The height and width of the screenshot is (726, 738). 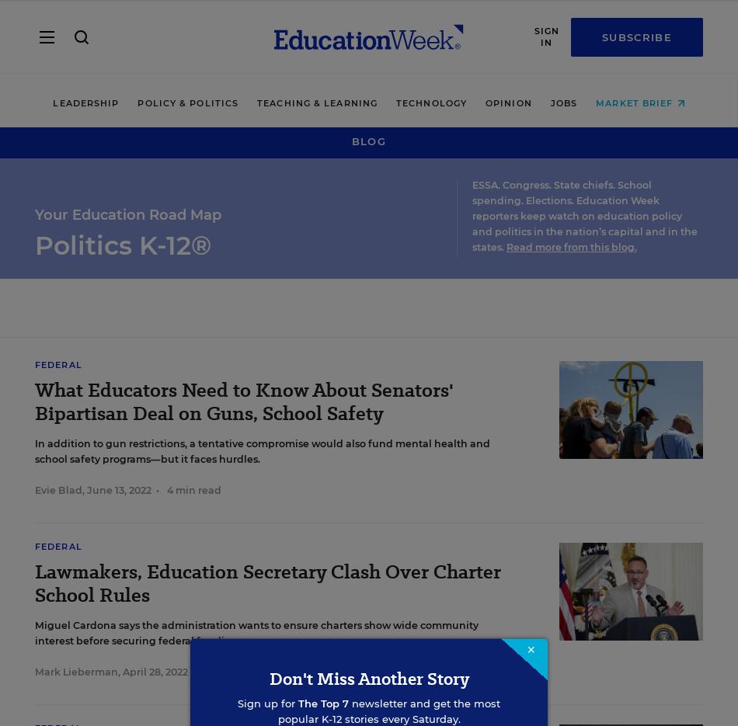 I want to click on 'June 13, 2022', so click(x=87, y=489).